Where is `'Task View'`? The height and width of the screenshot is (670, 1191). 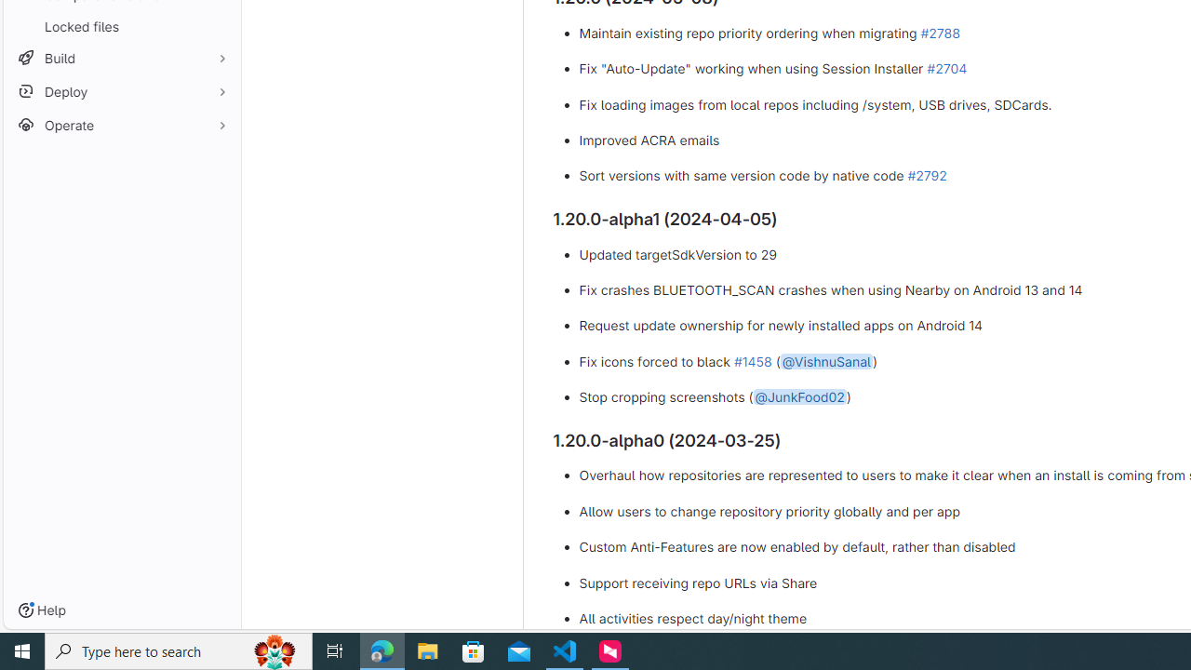 'Task View' is located at coordinates (334, 650).